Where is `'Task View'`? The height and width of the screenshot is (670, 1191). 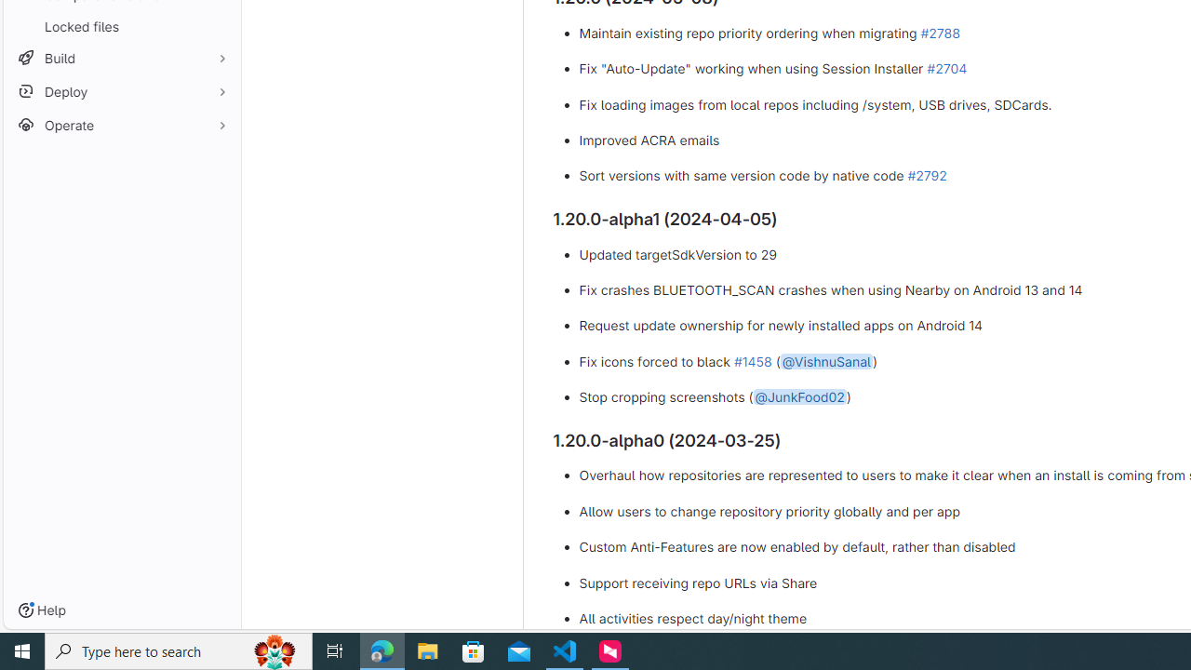 'Task View' is located at coordinates (334, 650).